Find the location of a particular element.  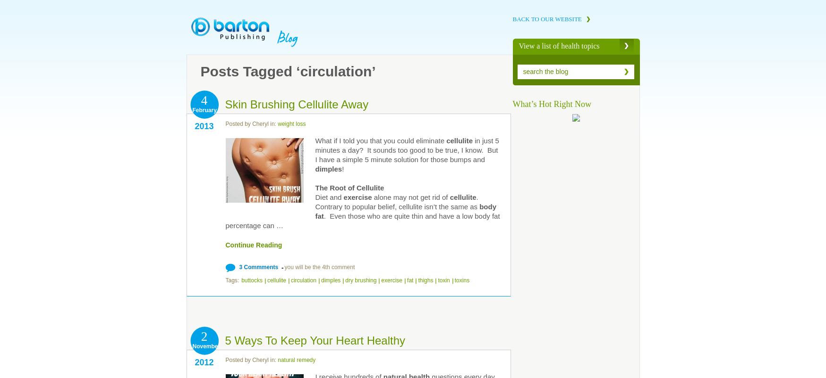

'.  Even those who are quite thin and have a low body fat percentage can …' is located at coordinates (362, 220).